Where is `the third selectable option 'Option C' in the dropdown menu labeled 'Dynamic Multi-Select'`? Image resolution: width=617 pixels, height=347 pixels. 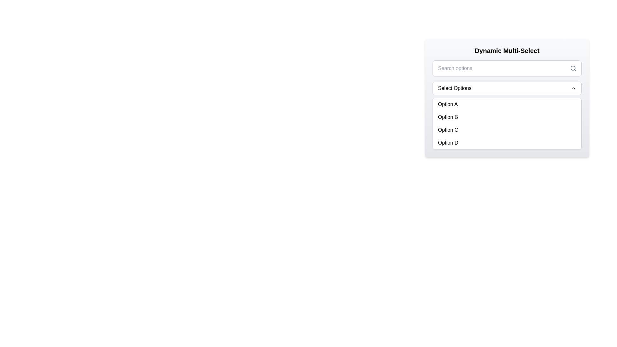
the third selectable option 'Option C' in the dropdown menu labeled 'Dynamic Multi-Select' is located at coordinates (507, 130).